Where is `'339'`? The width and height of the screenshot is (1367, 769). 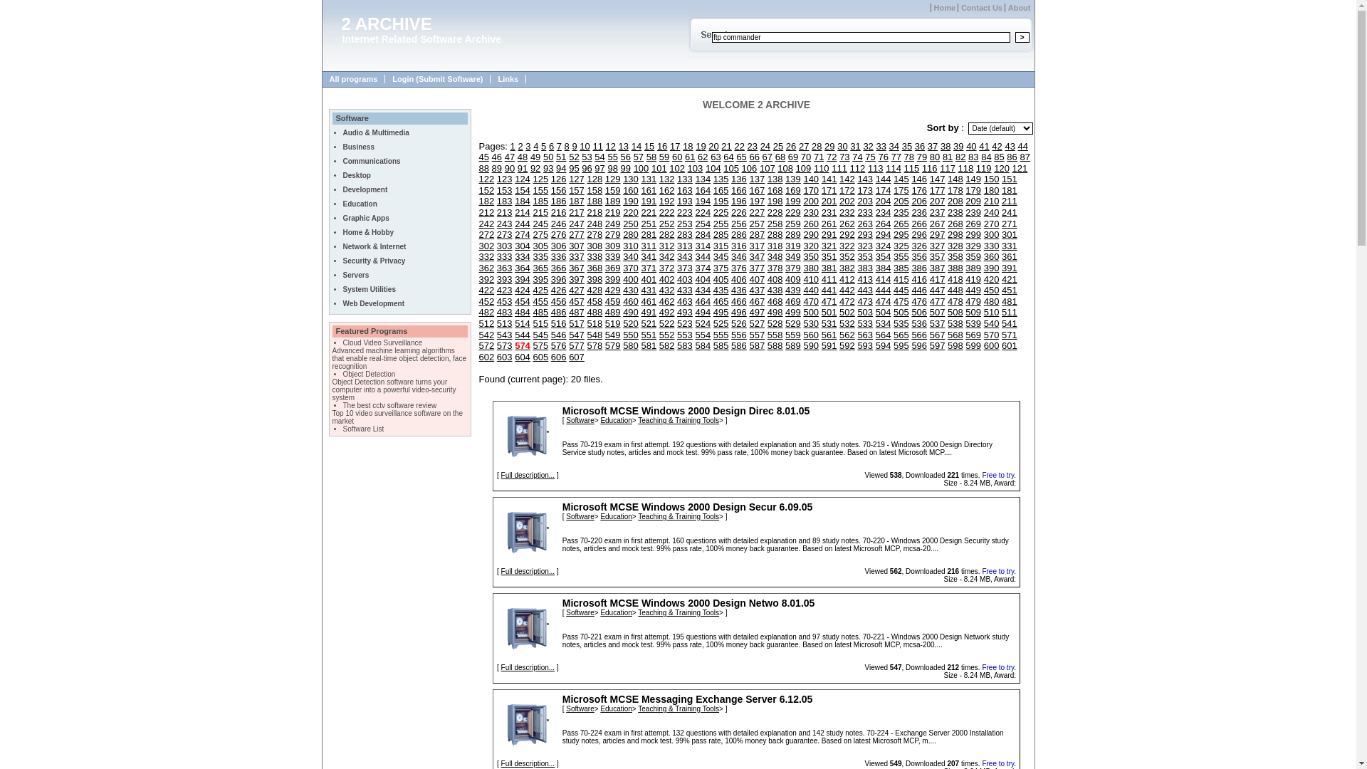 '339' is located at coordinates (612, 256).